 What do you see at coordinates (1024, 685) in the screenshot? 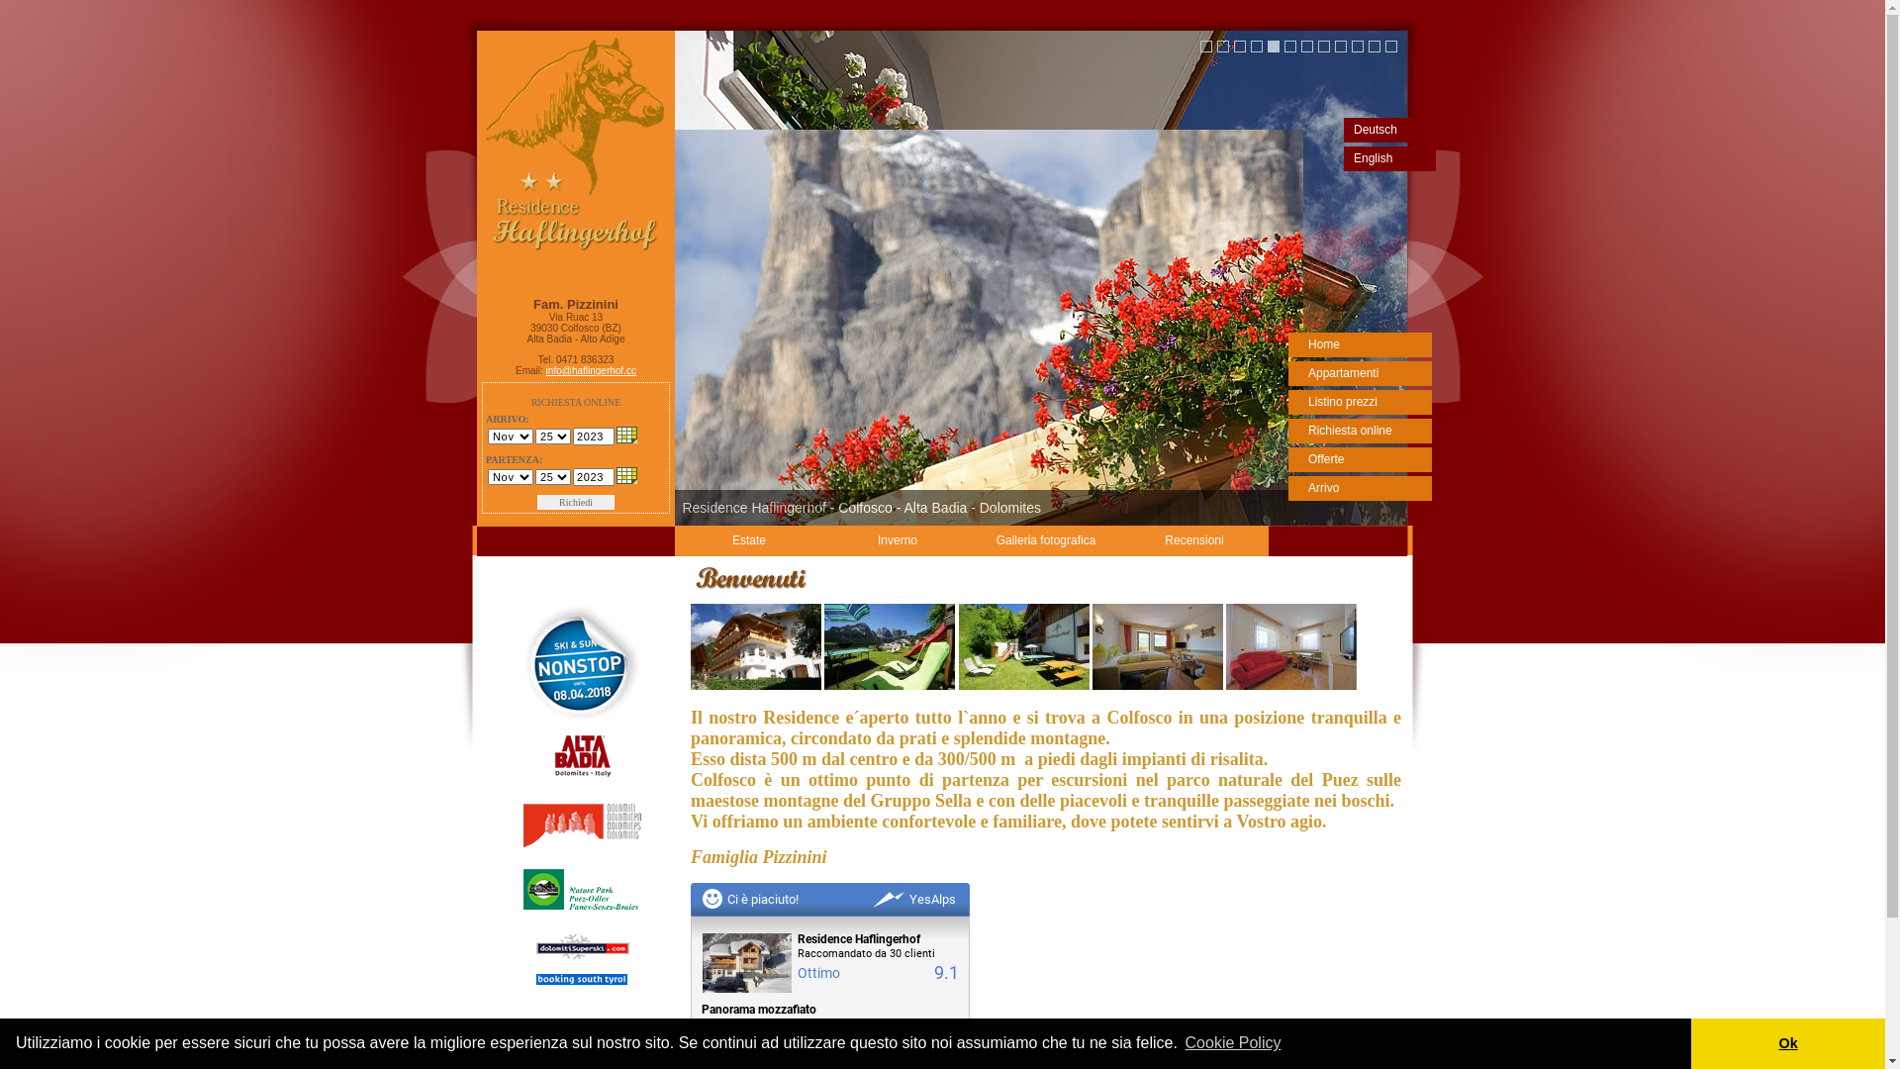
I see `'Sala Soggiorno / Aufenthaltsraum'` at bounding box center [1024, 685].